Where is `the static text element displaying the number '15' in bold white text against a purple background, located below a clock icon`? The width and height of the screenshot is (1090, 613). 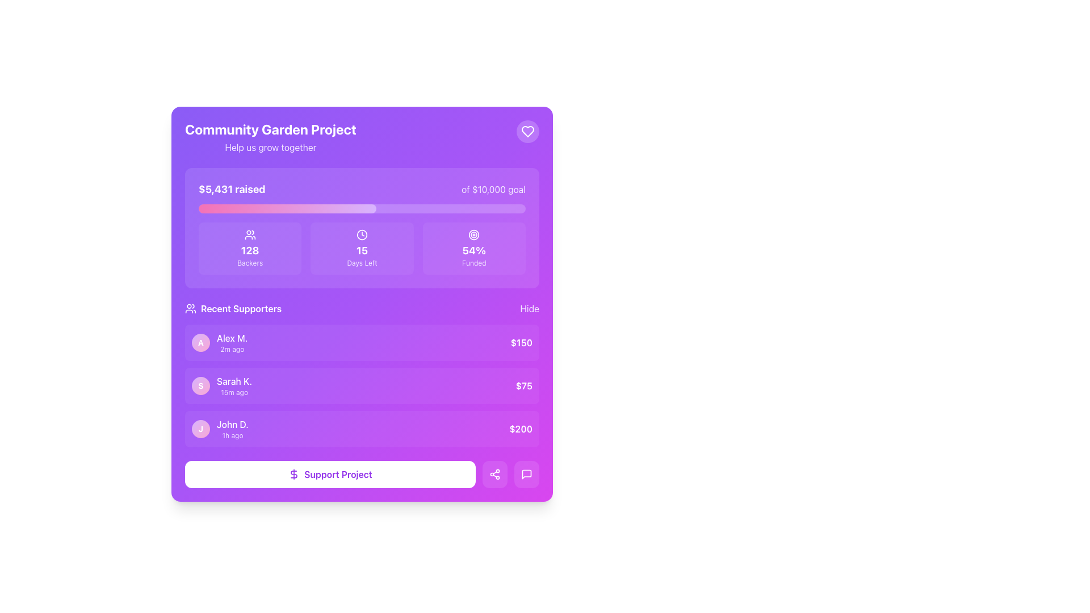
the static text element displaying the number '15' in bold white text against a purple background, located below a clock icon is located at coordinates (362, 250).